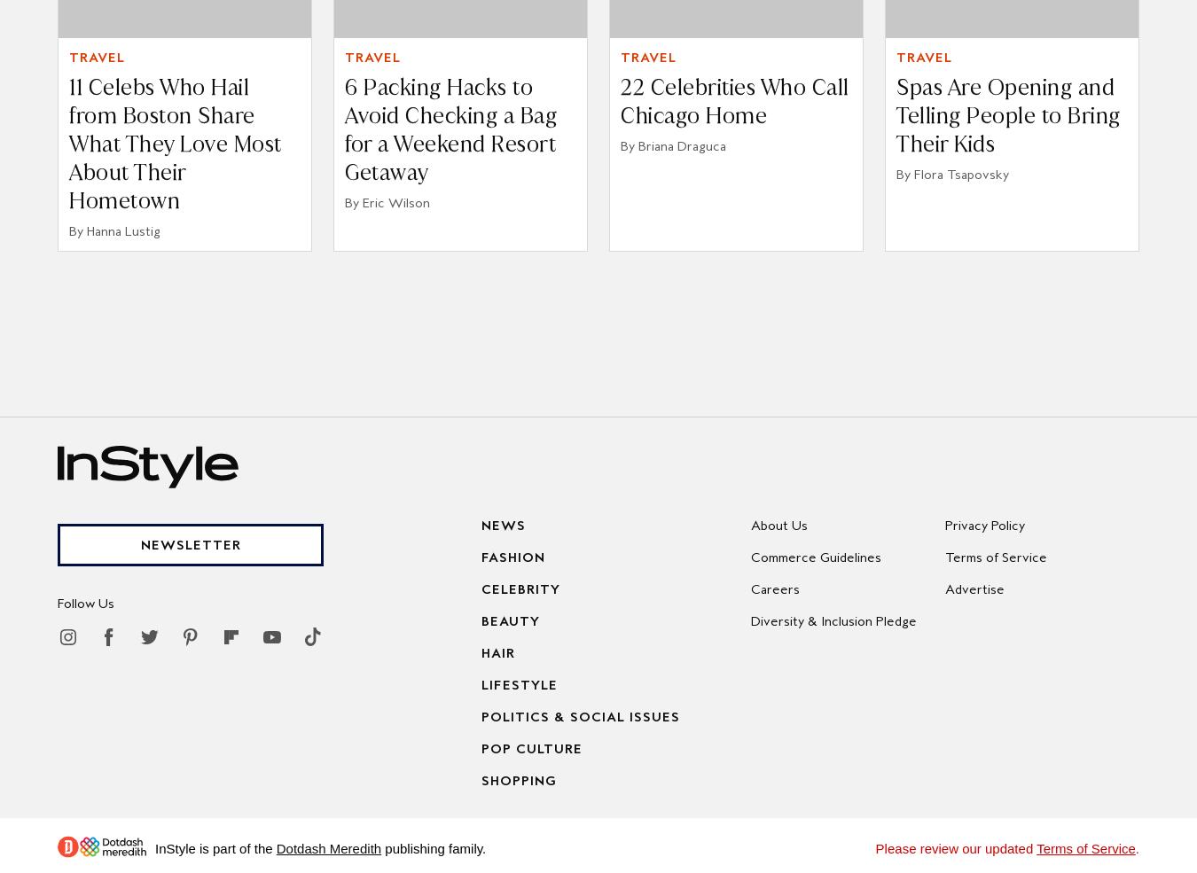 This screenshot has width=1197, height=873. Describe the element at coordinates (1006, 114) in the screenshot. I see `'Spas Are Opening and Telling People to Bring Their Kids'` at that location.